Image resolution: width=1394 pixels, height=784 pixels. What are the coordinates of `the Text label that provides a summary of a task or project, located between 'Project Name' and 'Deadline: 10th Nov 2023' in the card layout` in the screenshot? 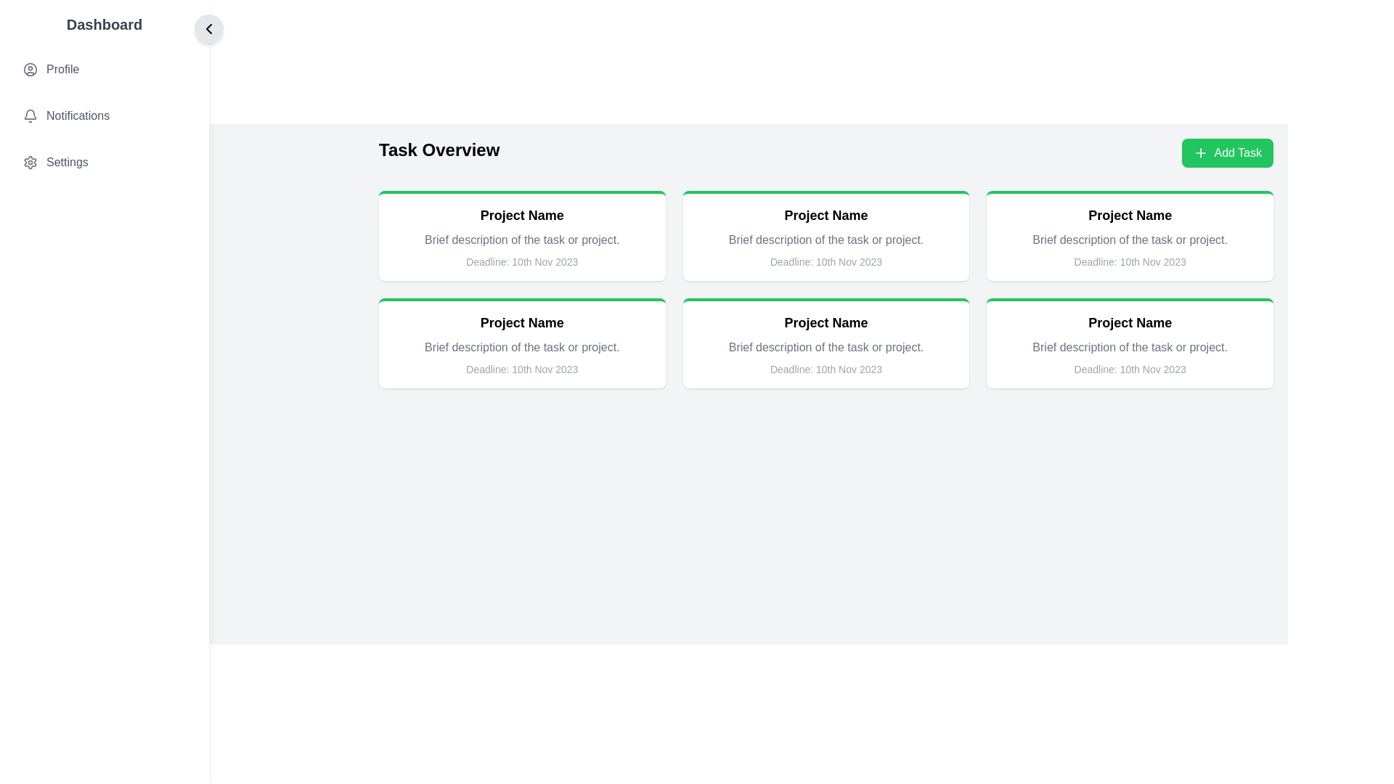 It's located at (522, 347).